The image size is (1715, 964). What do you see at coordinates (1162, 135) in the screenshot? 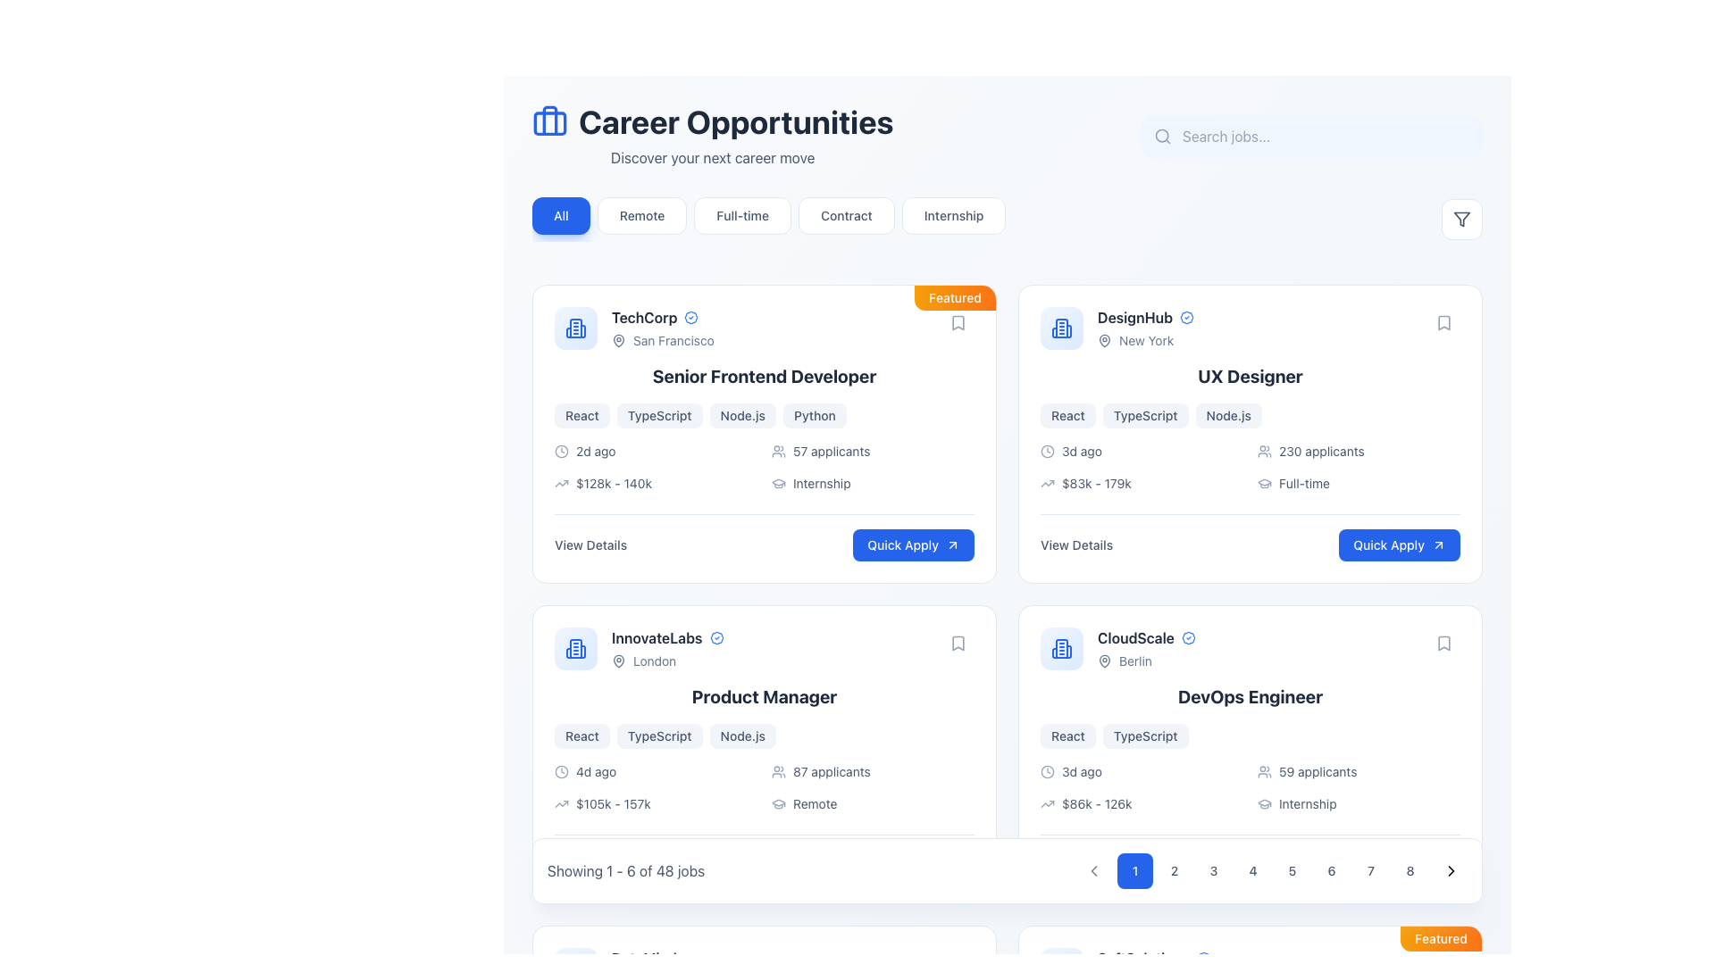
I see `the central circular part of the search icon, which is filled and located at the right side of the header section next to the job search text input field` at bounding box center [1162, 135].